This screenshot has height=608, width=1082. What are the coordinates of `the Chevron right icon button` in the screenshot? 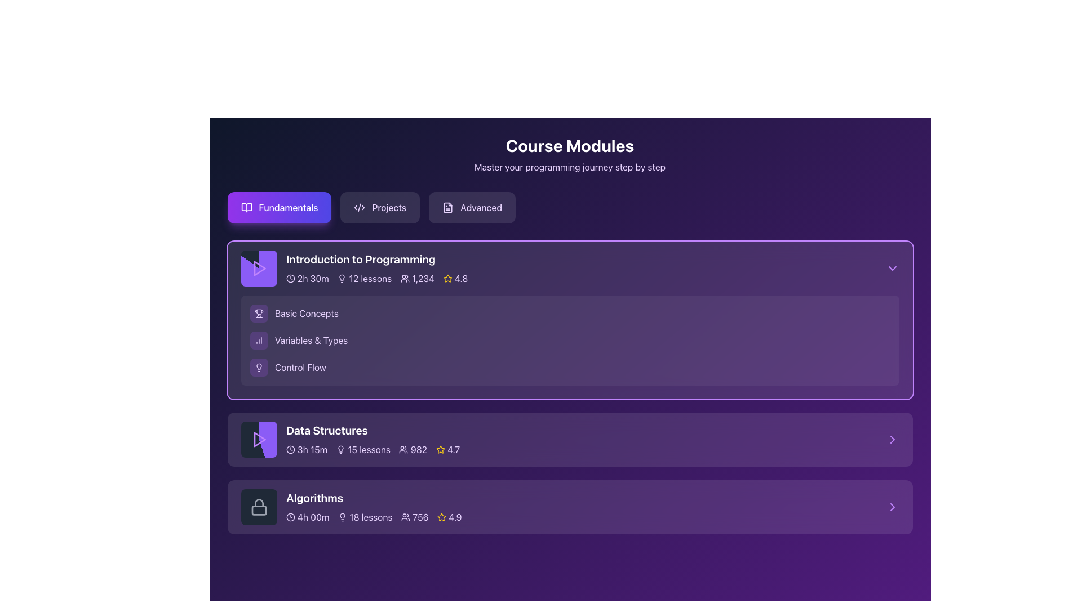 It's located at (892, 439).